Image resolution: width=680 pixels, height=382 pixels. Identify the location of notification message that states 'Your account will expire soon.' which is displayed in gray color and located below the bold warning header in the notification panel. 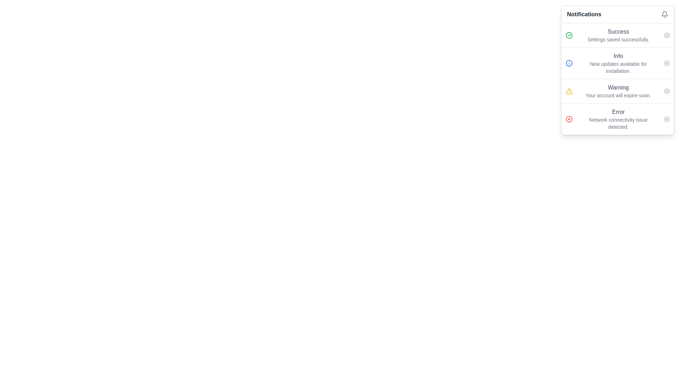
(618, 95).